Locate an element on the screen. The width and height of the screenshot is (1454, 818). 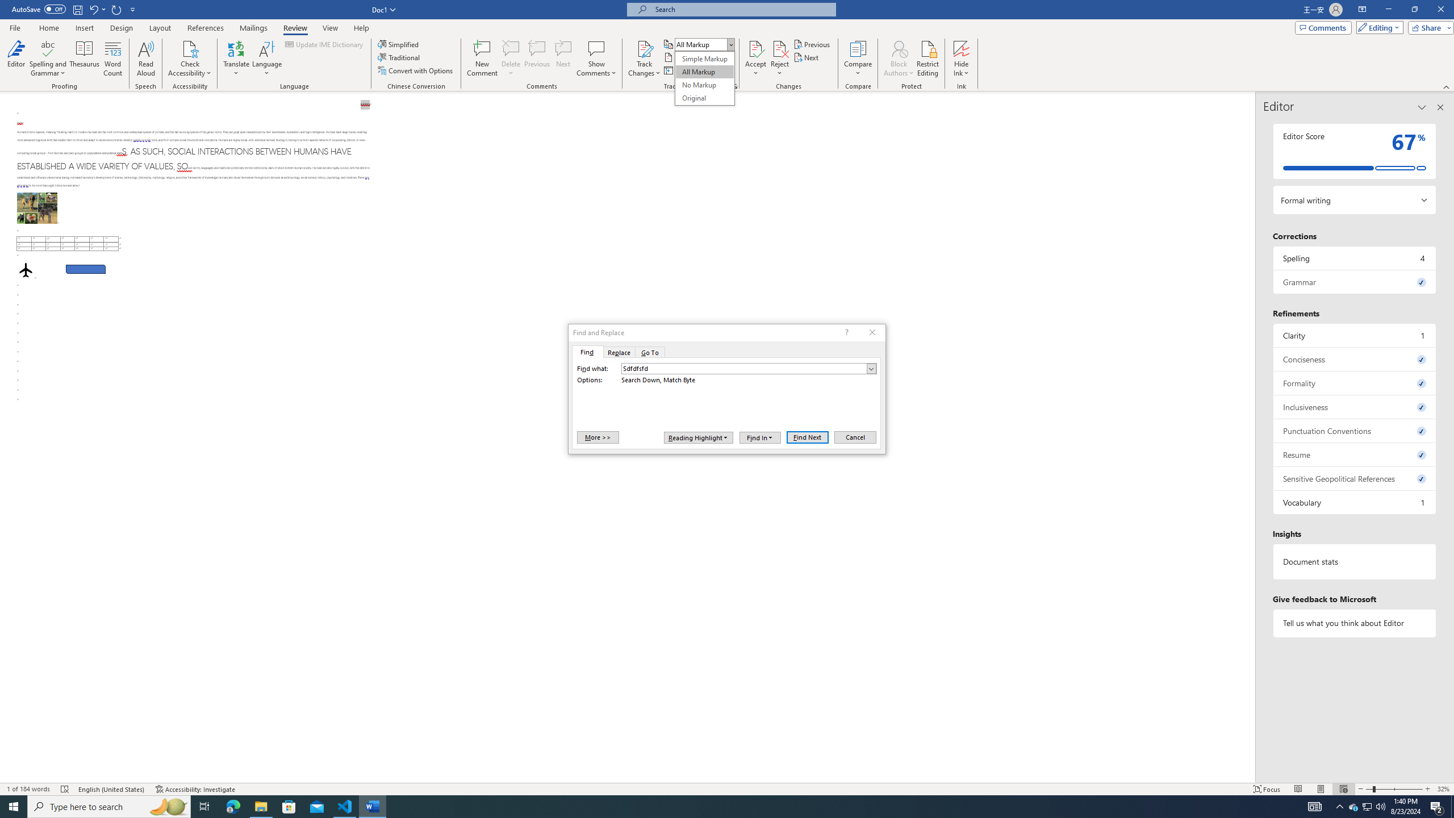
'Action Center, 2 new notifications' is located at coordinates (1437, 806).